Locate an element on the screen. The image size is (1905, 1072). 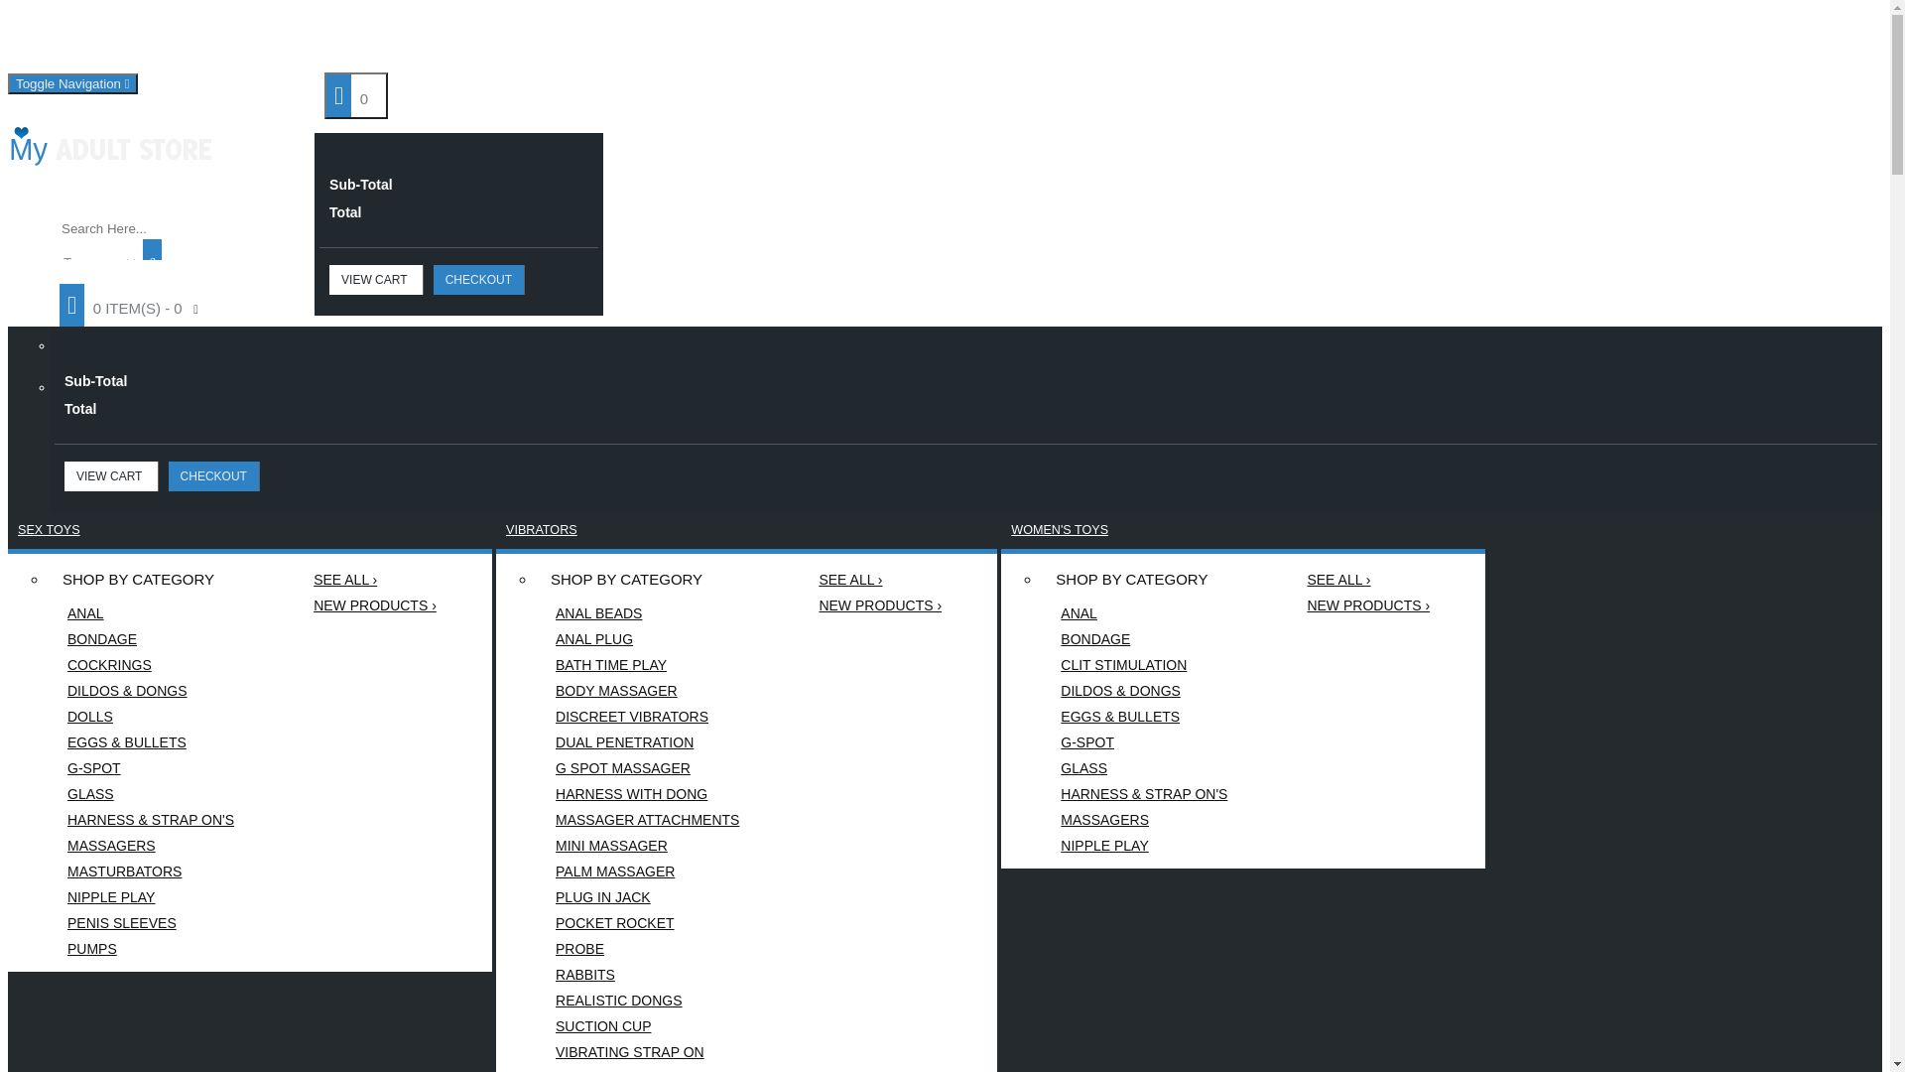
'POCKET ROCKET' is located at coordinates (647, 922).